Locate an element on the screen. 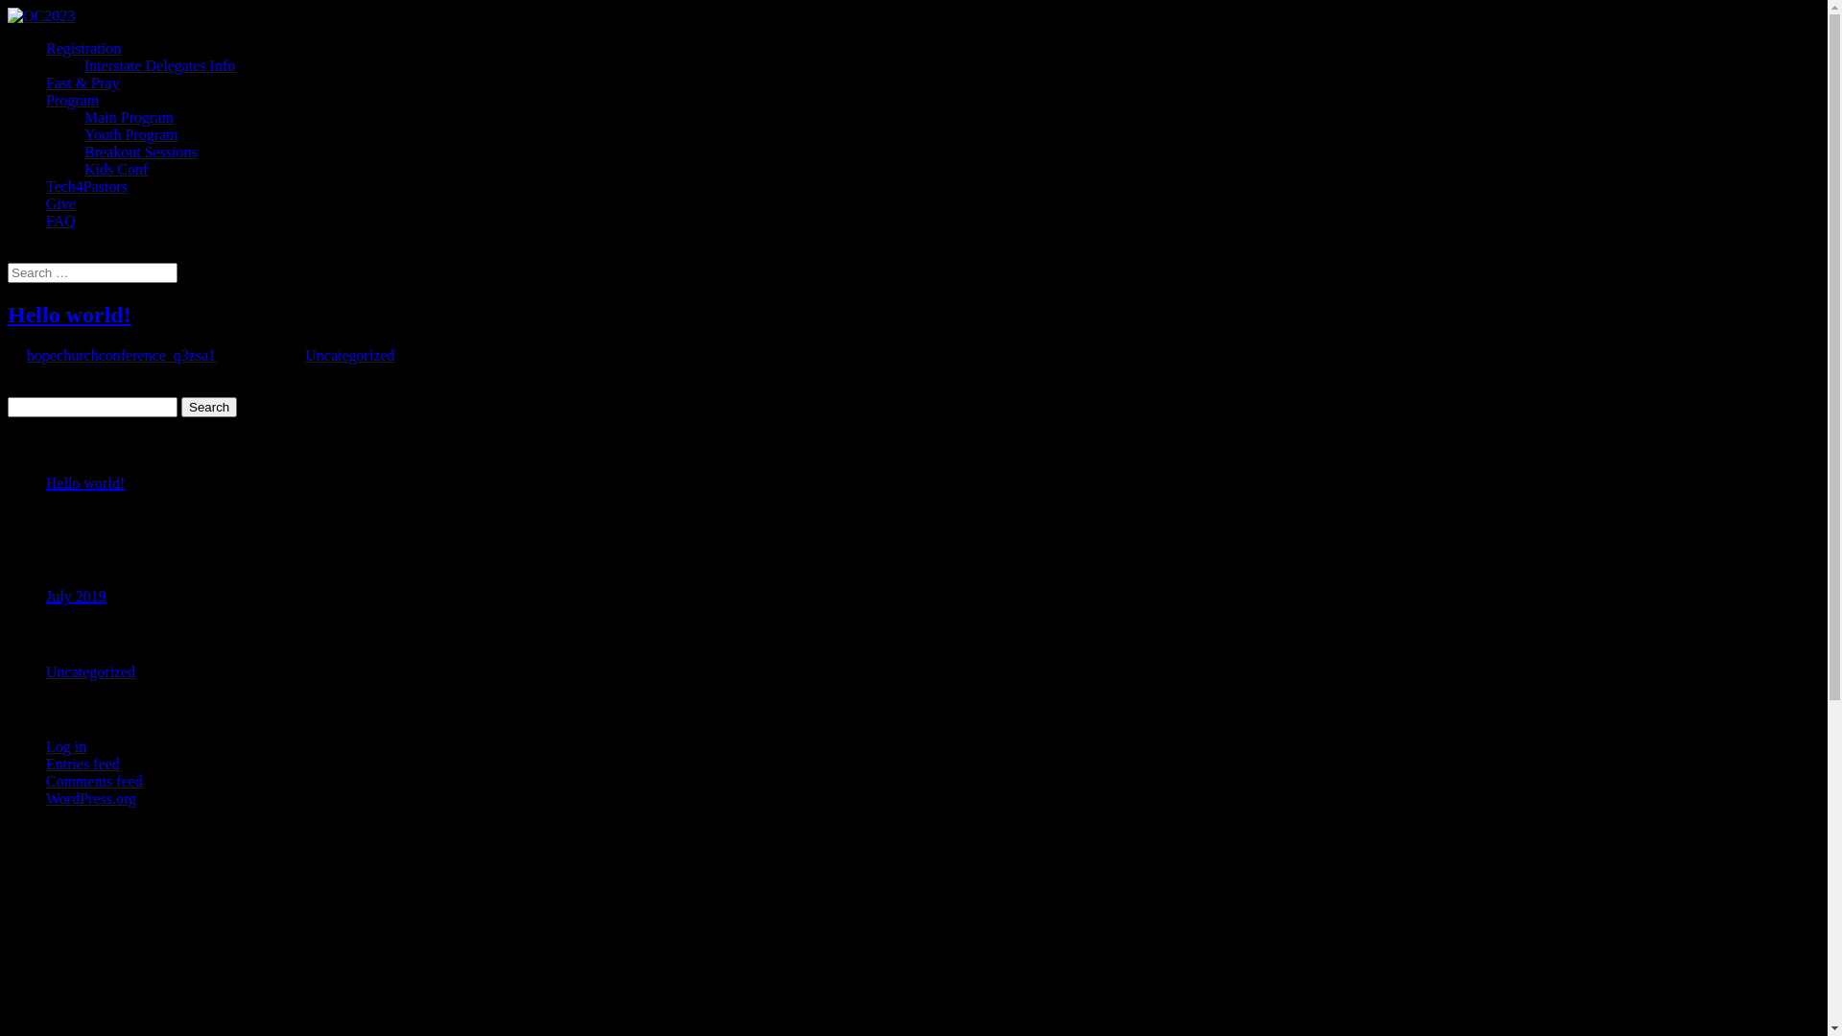 The image size is (1842, 1036). 'Log in' is located at coordinates (65, 745).